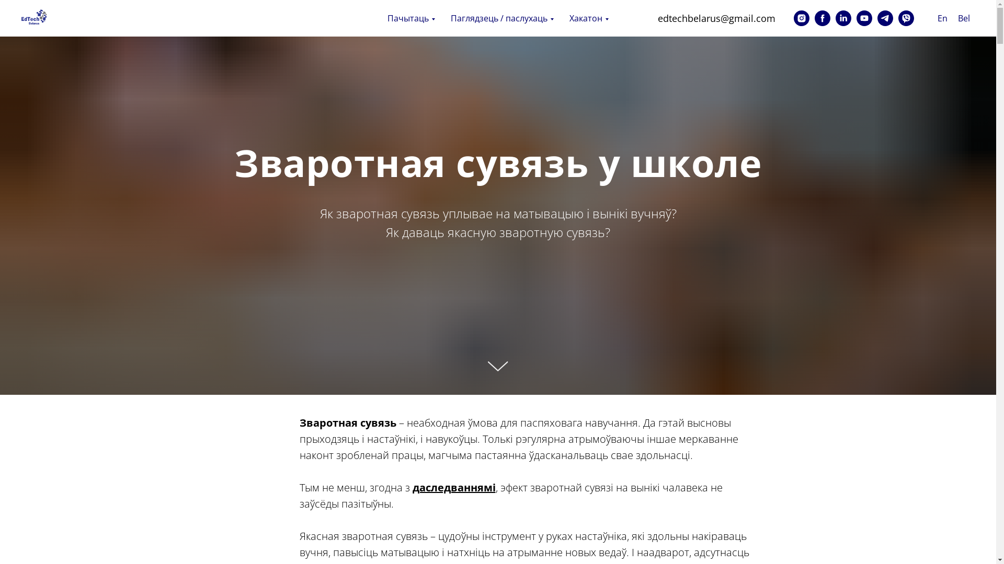 The height and width of the screenshot is (564, 1004). Describe the element at coordinates (942, 18) in the screenshot. I see `'En'` at that location.